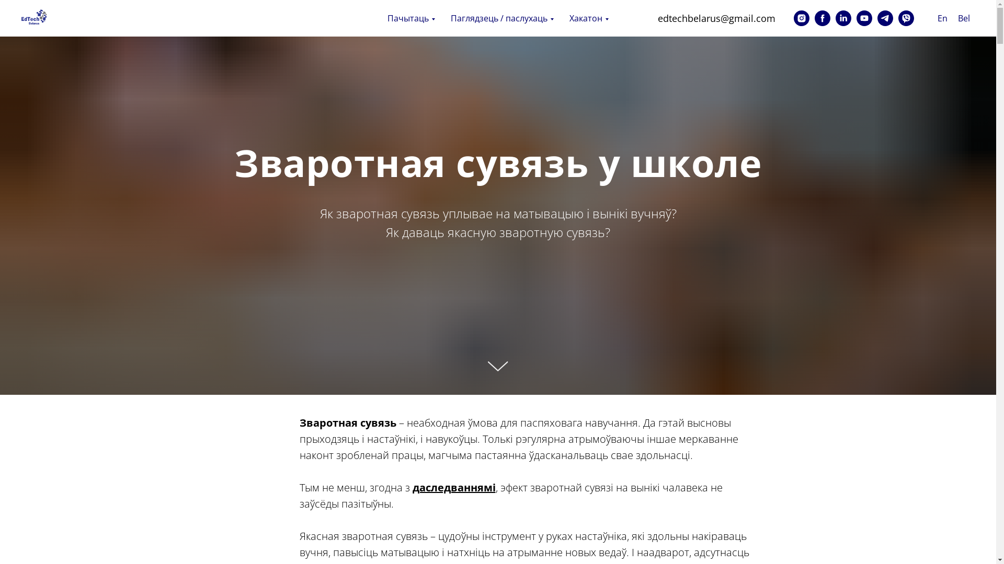 The height and width of the screenshot is (564, 1004). Describe the element at coordinates (942, 18) in the screenshot. I see `'En'` at that location.